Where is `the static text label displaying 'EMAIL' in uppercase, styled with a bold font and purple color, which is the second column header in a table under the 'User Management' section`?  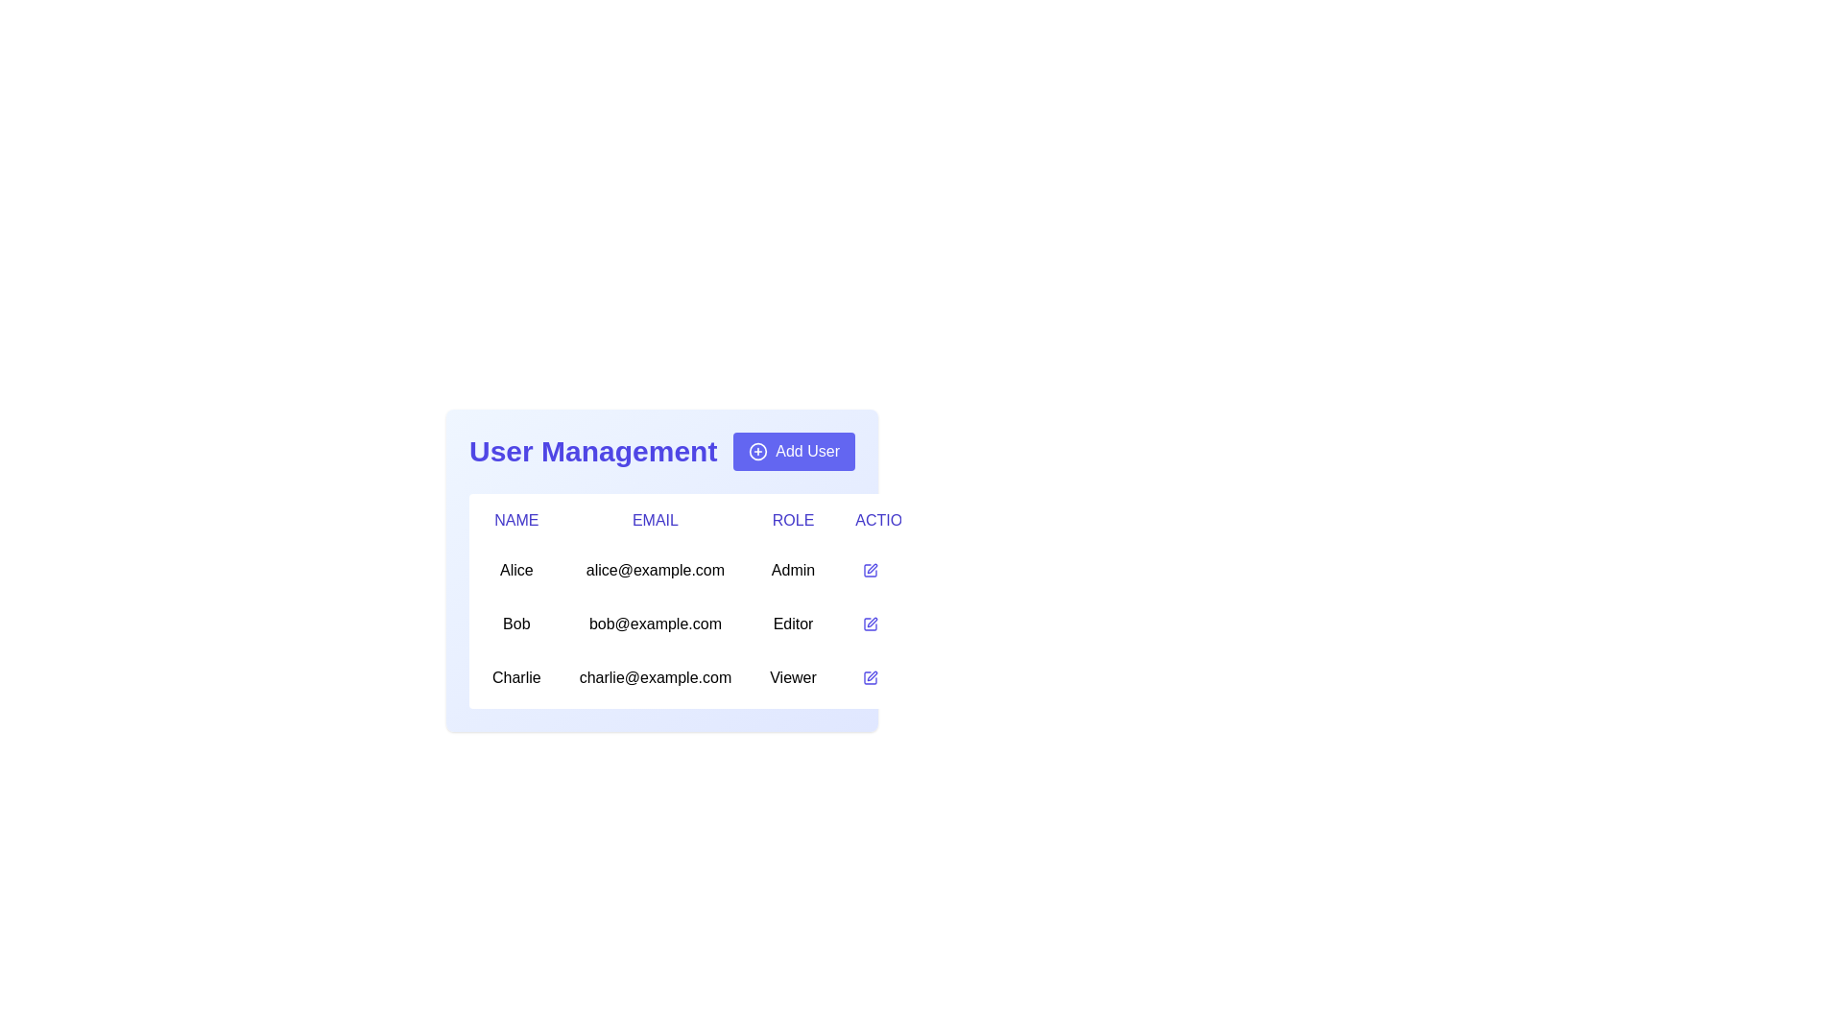 the static text label displaying 'EMAIL' in uppercase, styled with a bold font and purple color, which is the second column header in a table under the 'User Management' section is located at coordinates (655, 521).